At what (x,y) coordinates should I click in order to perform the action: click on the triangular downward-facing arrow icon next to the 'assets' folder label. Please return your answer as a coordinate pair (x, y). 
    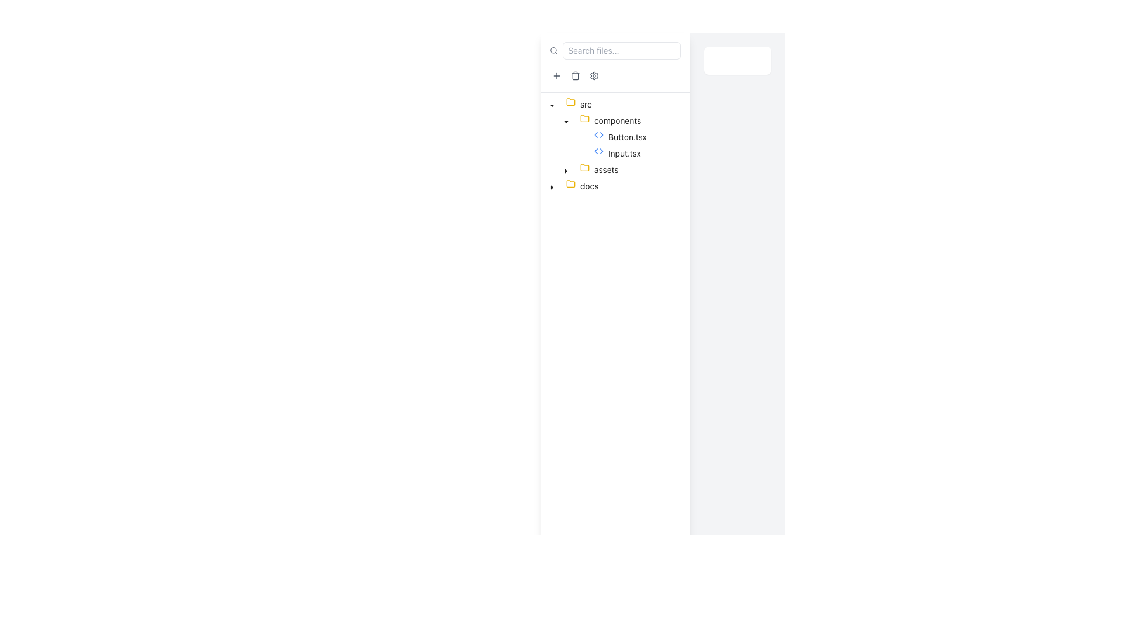
    Looking at the image, I should click on (566, 171).